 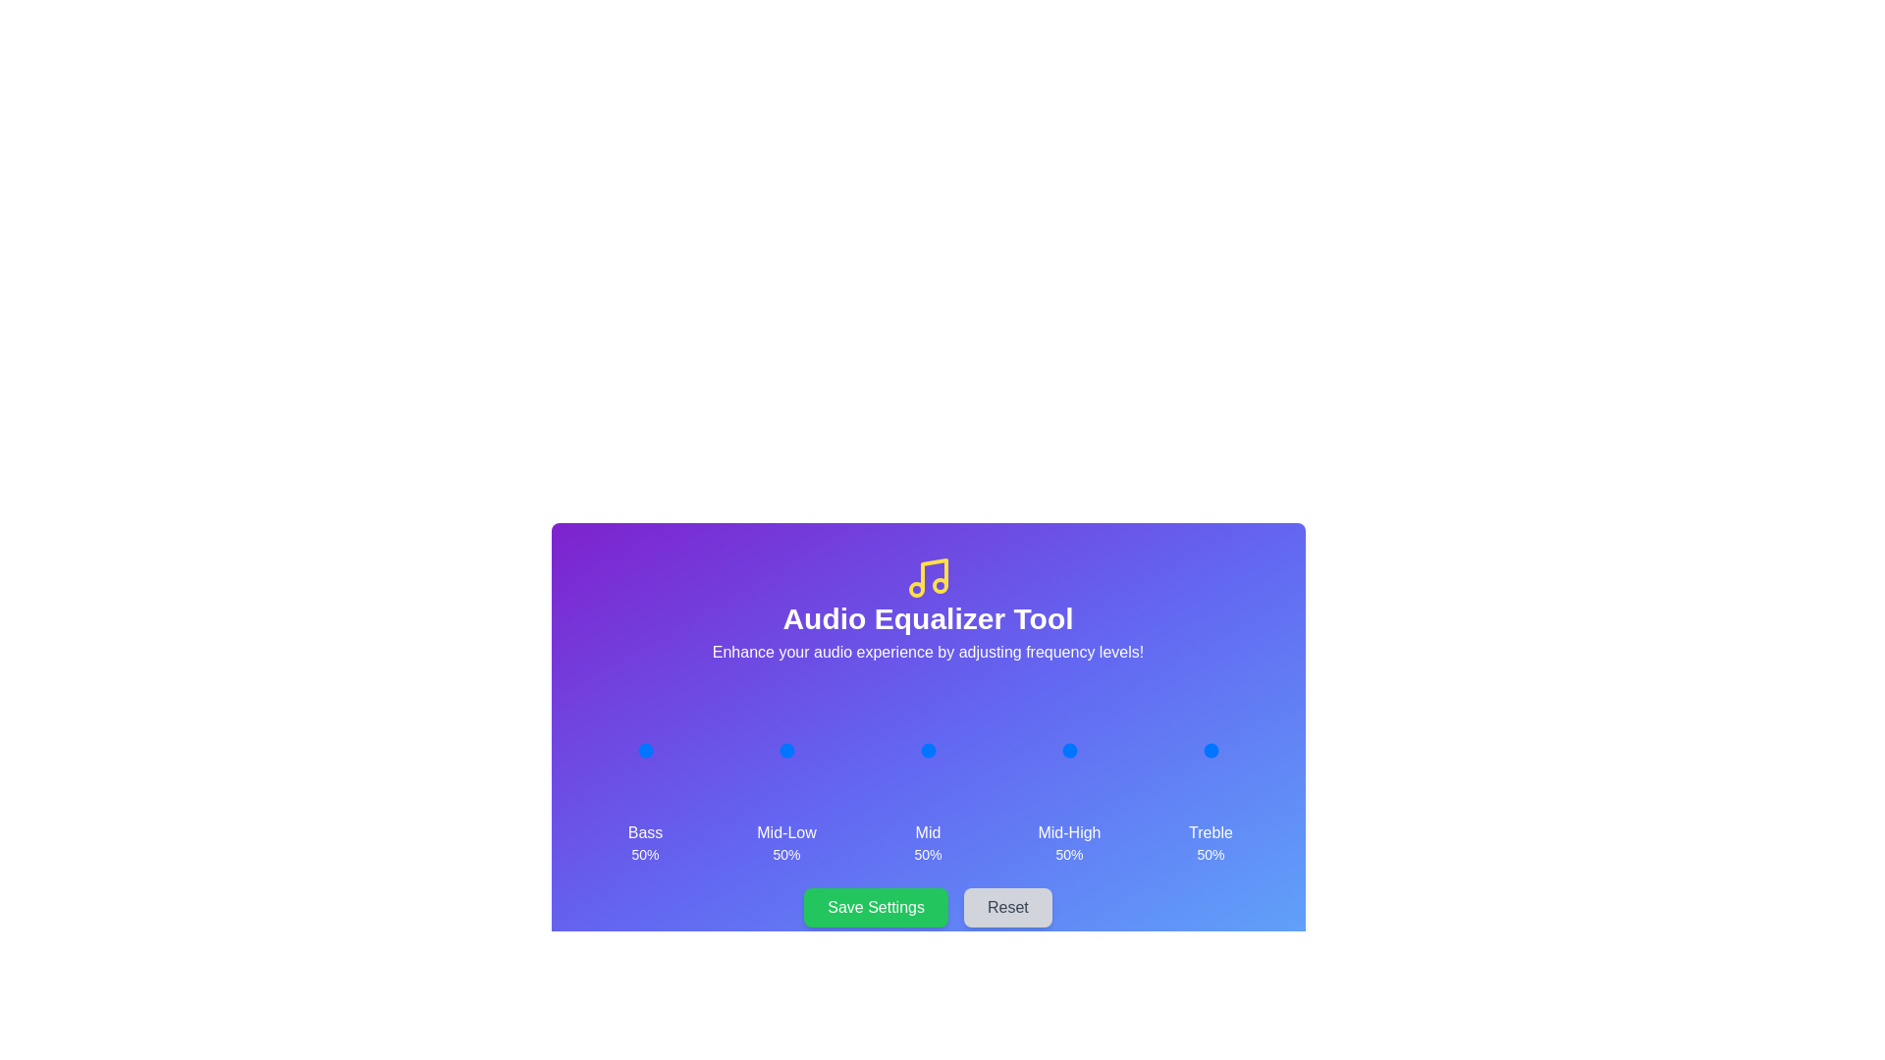 What do you see at coordinates (817, 750) in the screenshot?
I see `the 1 slider to 99%` at bounding box center [817, 750].